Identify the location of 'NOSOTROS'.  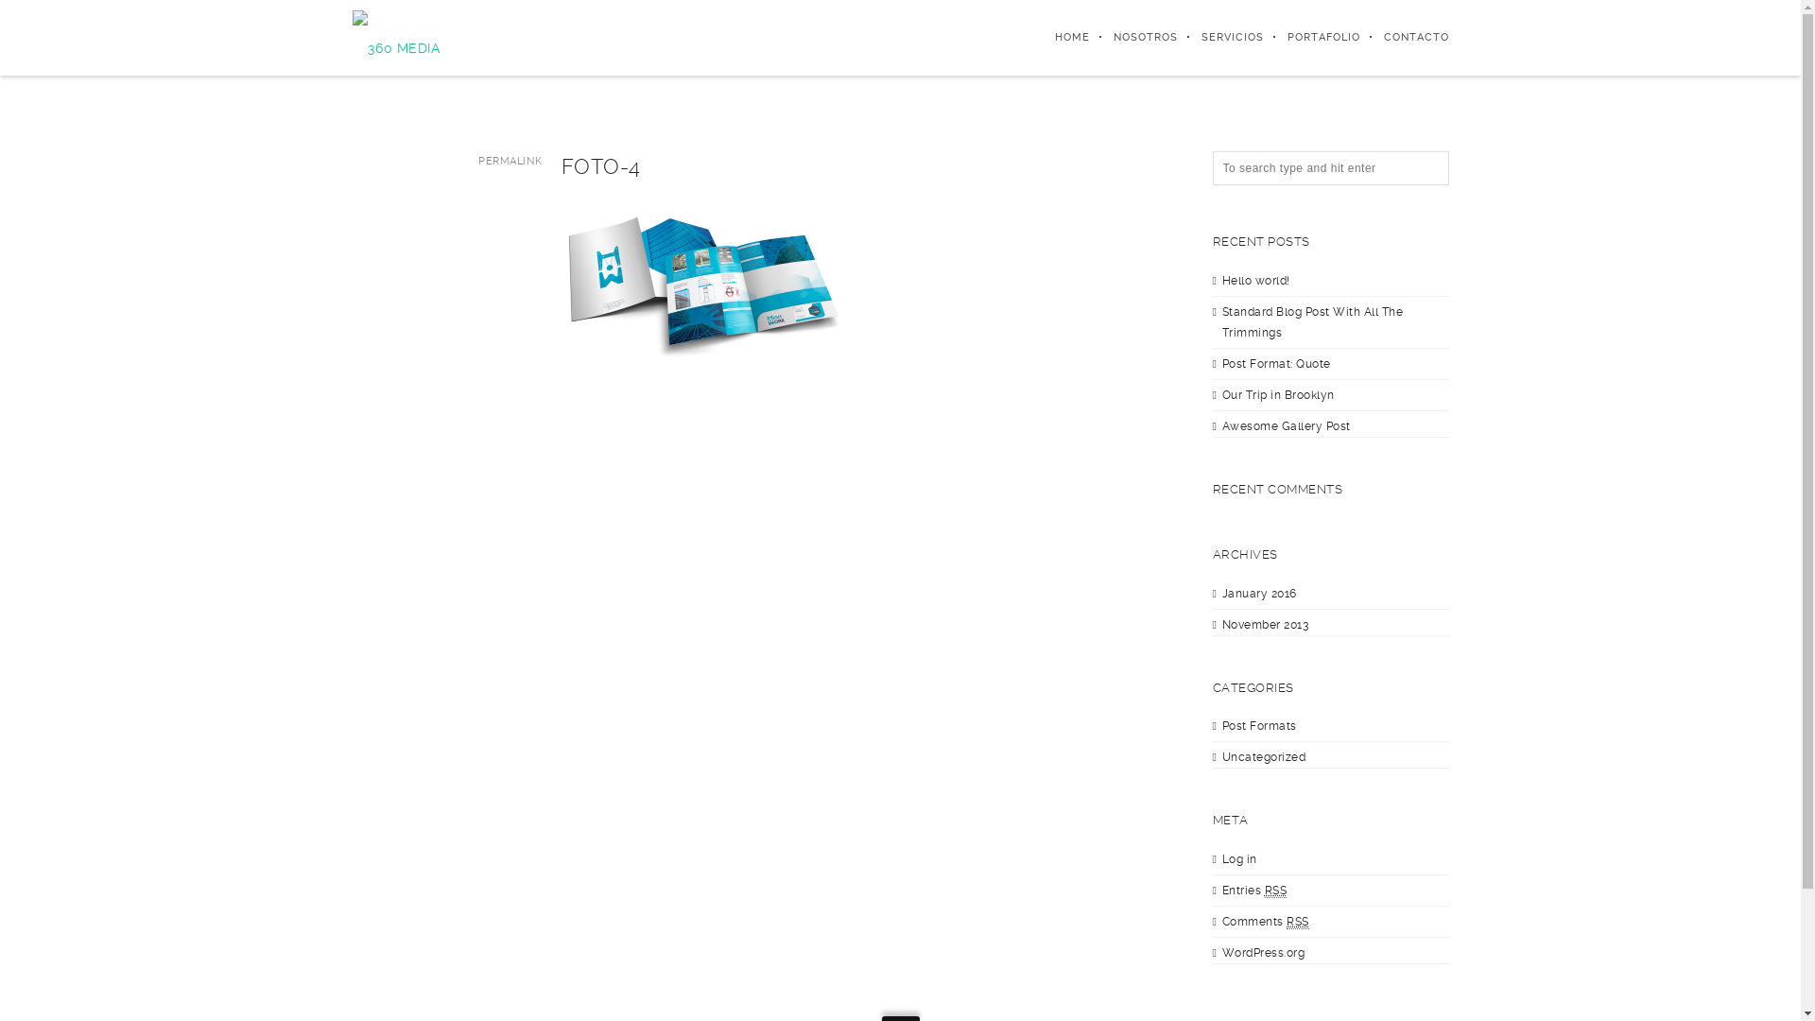
(1132, 37).